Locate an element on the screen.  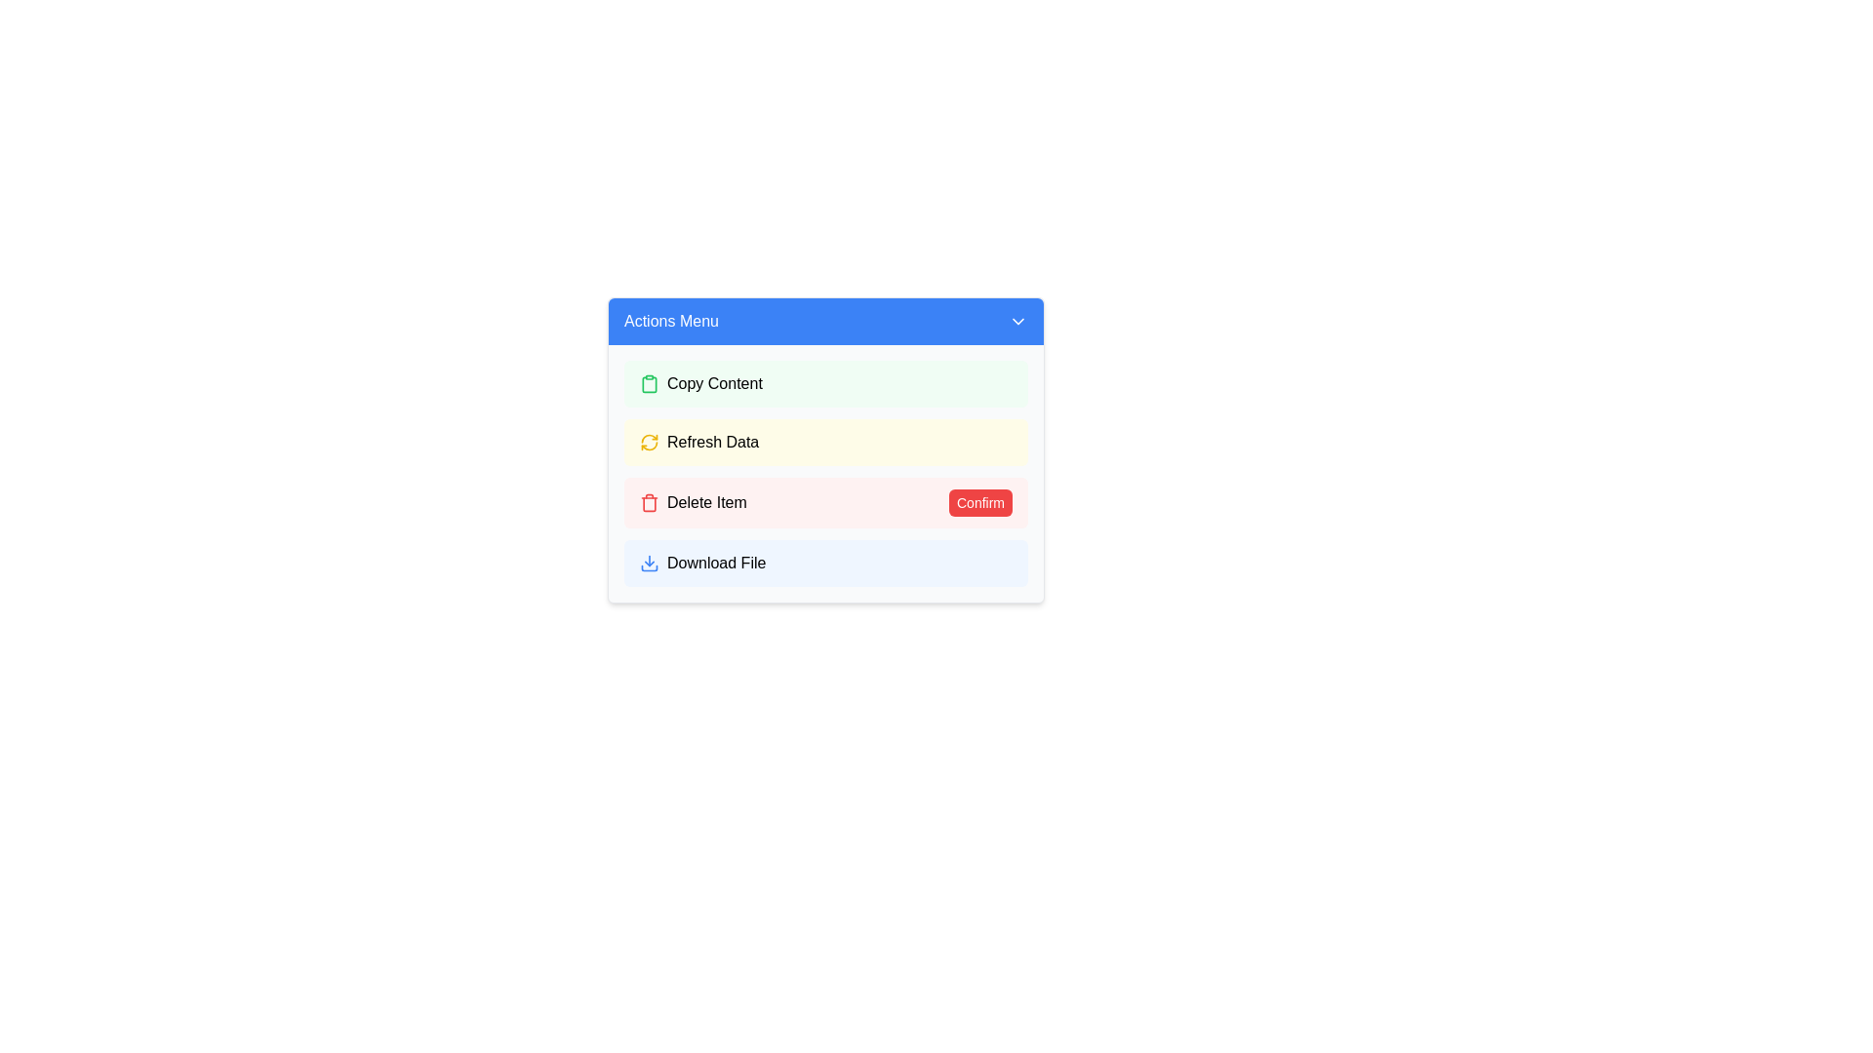
the static text label displaying 'Download File' which is located at the bottom of a vertically-stacked list section, next to a download icon is located at coordinates (715, 564).